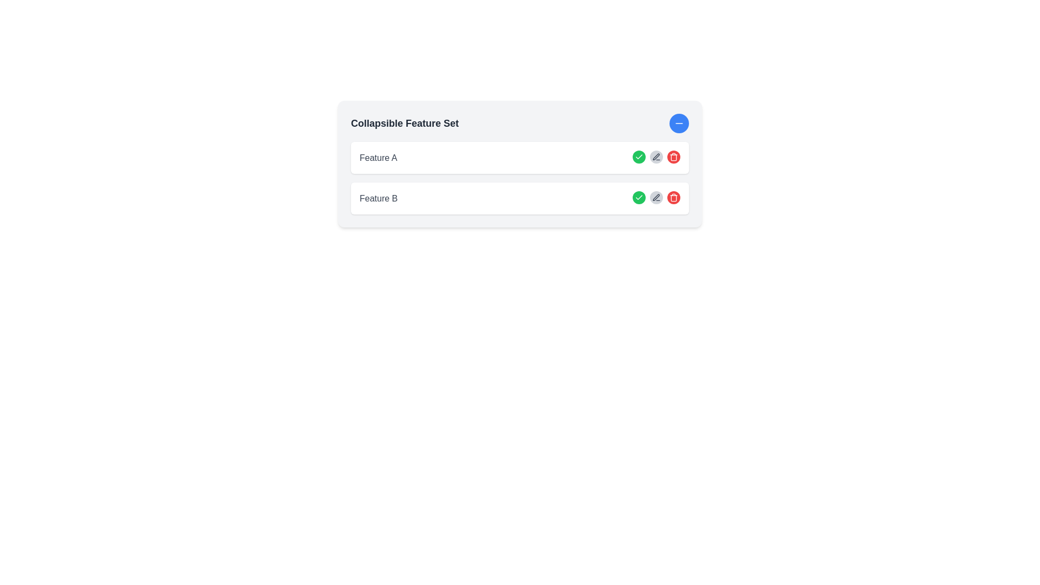 The height and width of the screenshot is (585, 1040). Describe the element at coordinates (655, 157) in the screenshot. I see `the pen-like icon in the second row of action icons in Feature B` at that location.